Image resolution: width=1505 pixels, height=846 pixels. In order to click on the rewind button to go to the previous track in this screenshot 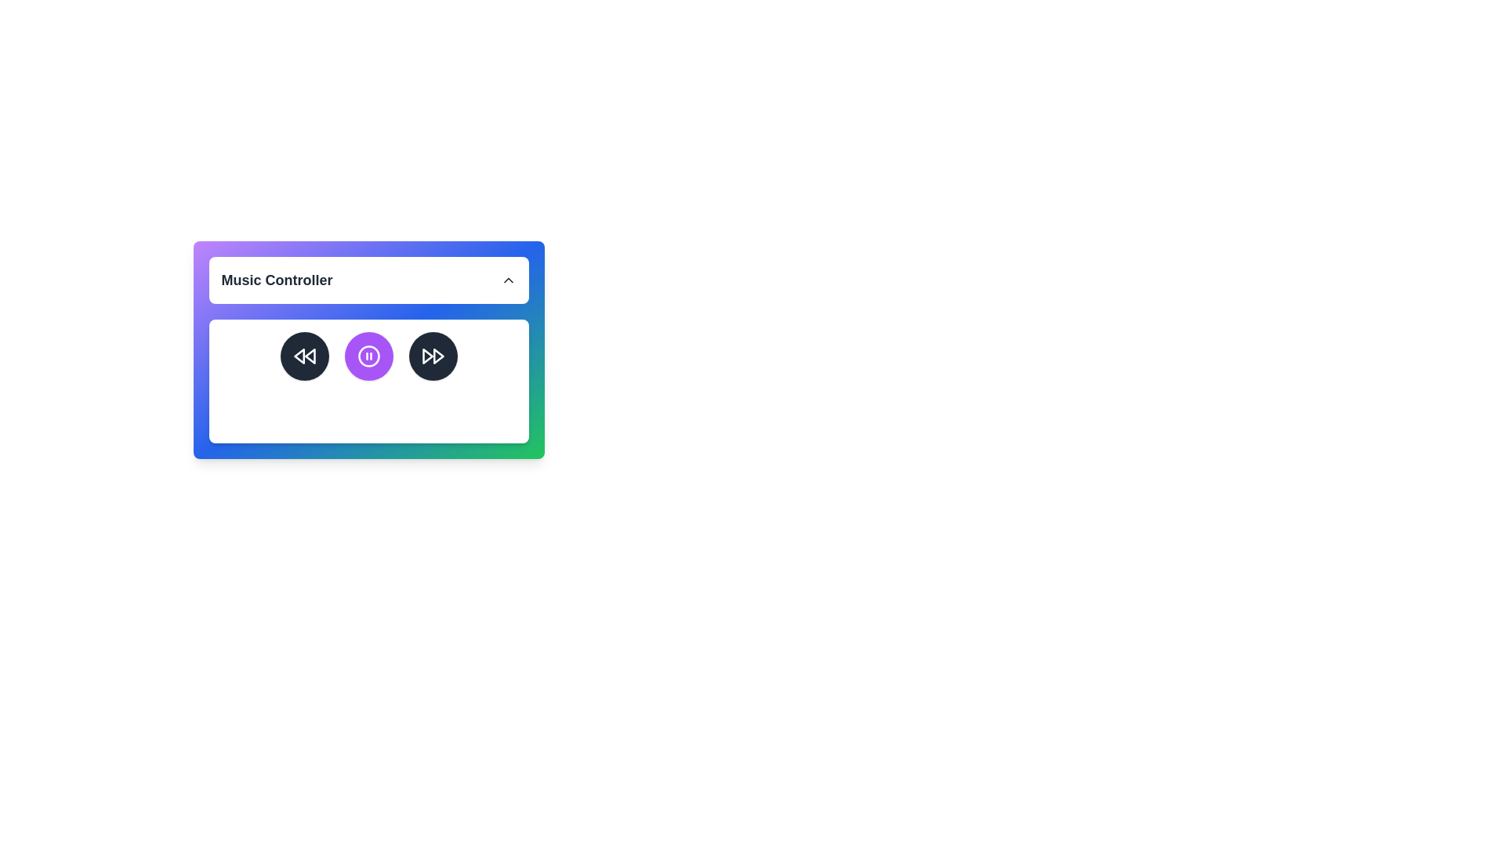, I will do `click(304, 356)`.